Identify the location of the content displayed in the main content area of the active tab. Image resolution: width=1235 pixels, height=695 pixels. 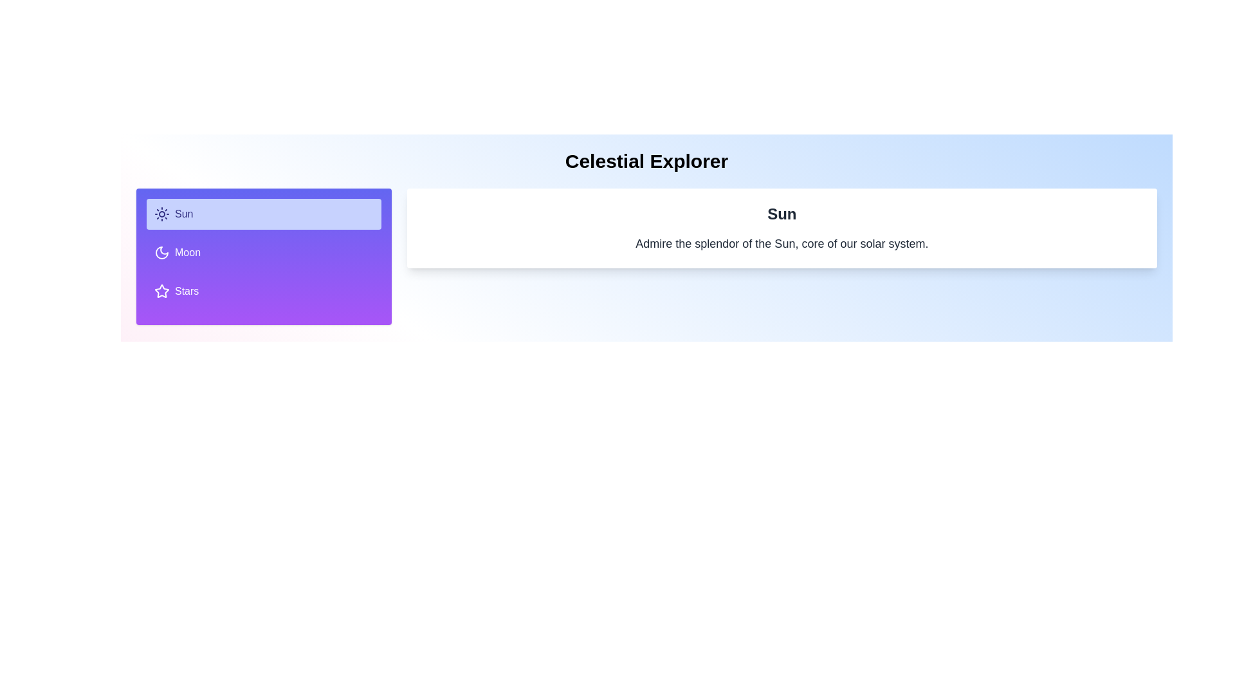
(781, 227).